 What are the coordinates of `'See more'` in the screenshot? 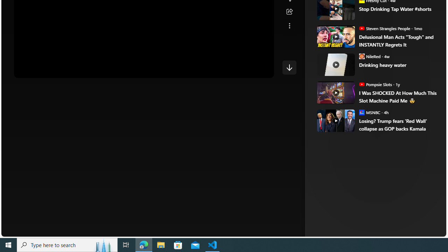 It's located at (289, 26).